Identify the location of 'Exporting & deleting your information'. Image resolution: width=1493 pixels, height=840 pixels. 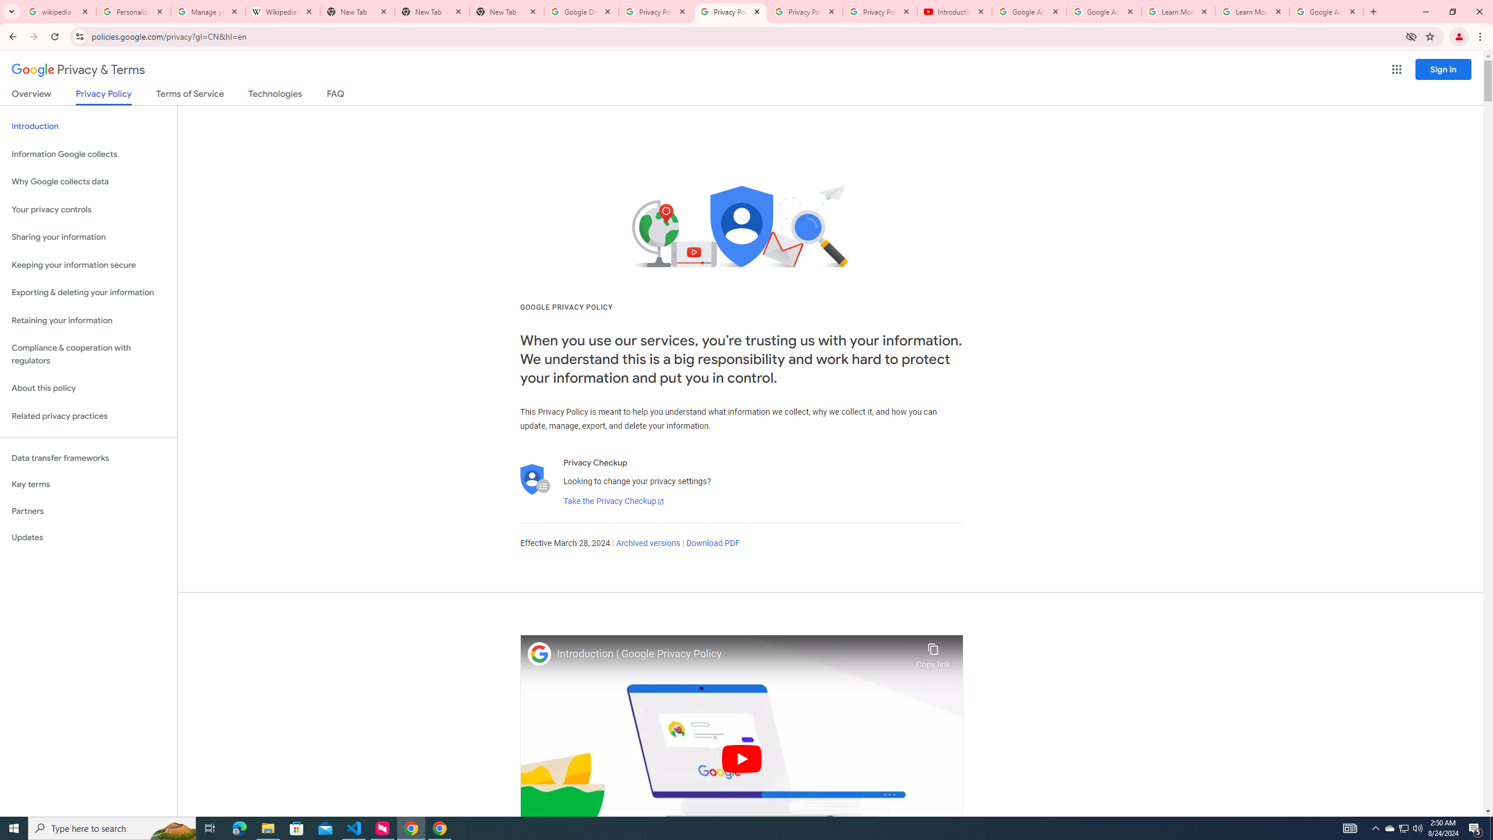
(88, 292).